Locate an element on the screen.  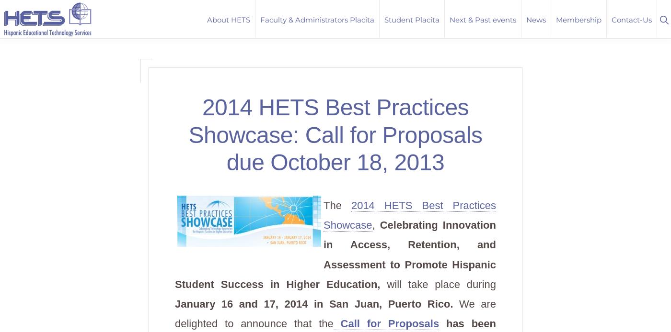
'Call for Proposals' is located at coordinates (385, 323).